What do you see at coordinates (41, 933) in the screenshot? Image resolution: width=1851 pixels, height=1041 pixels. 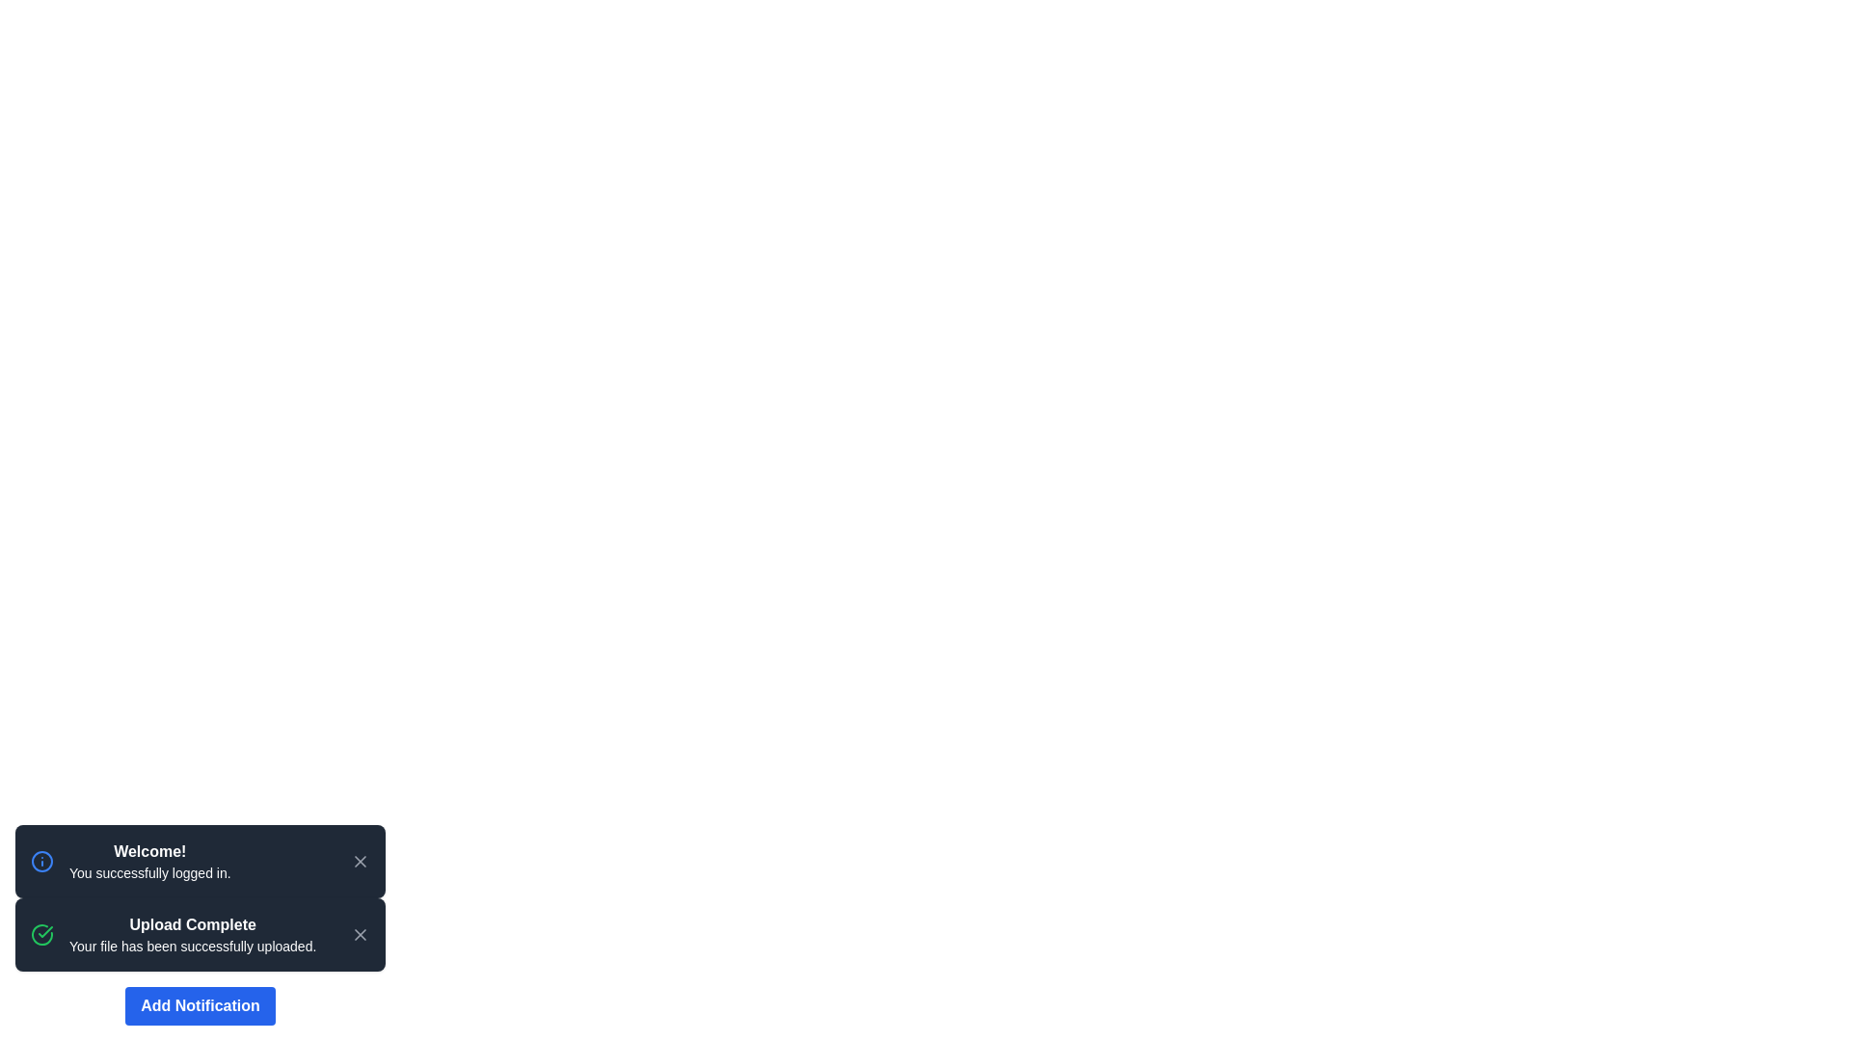 I see `the circular checkmark icon with a green outline, which is located in the notification panel stating 'Upload Complete'` at bounding box center [41, 933].